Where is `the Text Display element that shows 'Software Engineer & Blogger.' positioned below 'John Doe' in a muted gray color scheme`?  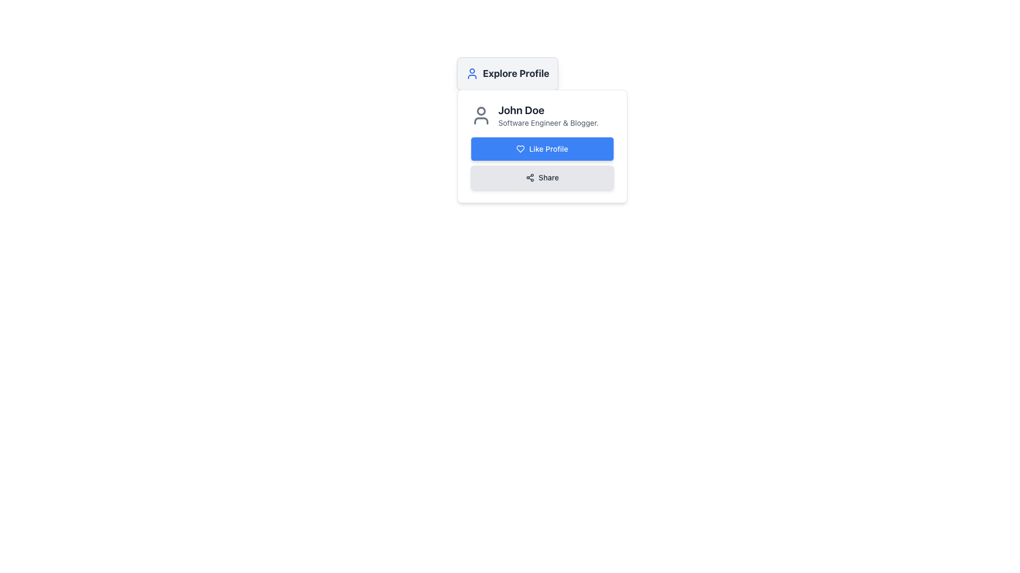
the Text Display element that shows 'Software Engineer & Blogger.' positioned below 'John Doe' in a muted gray color scheme is located at coordinates (548, 122).